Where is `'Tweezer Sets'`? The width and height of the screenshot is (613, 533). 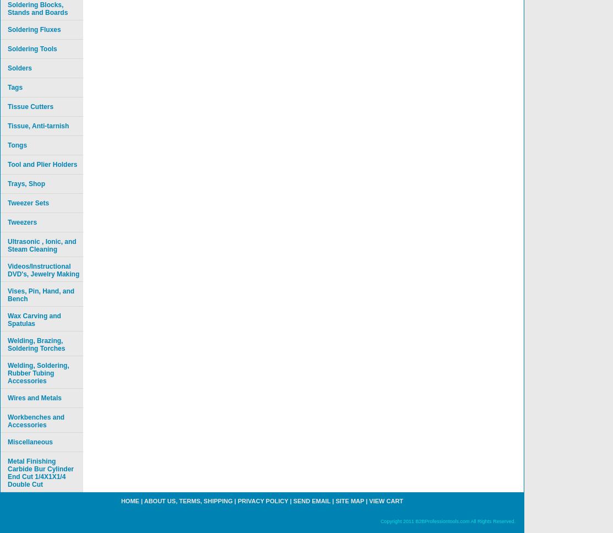 'Tweezer Sets' is located at coordinates (28, 203).